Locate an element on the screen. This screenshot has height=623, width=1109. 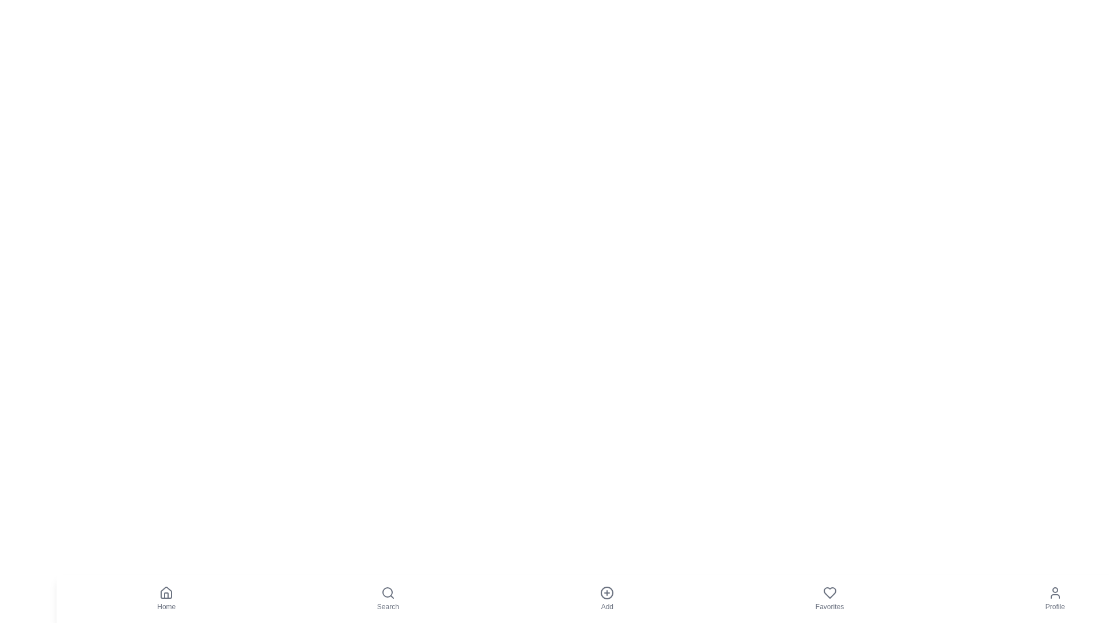
the heart-shaped icon located in the 'Favorites' tab of the bottom navigation bar is located at coordinates (829, 593).